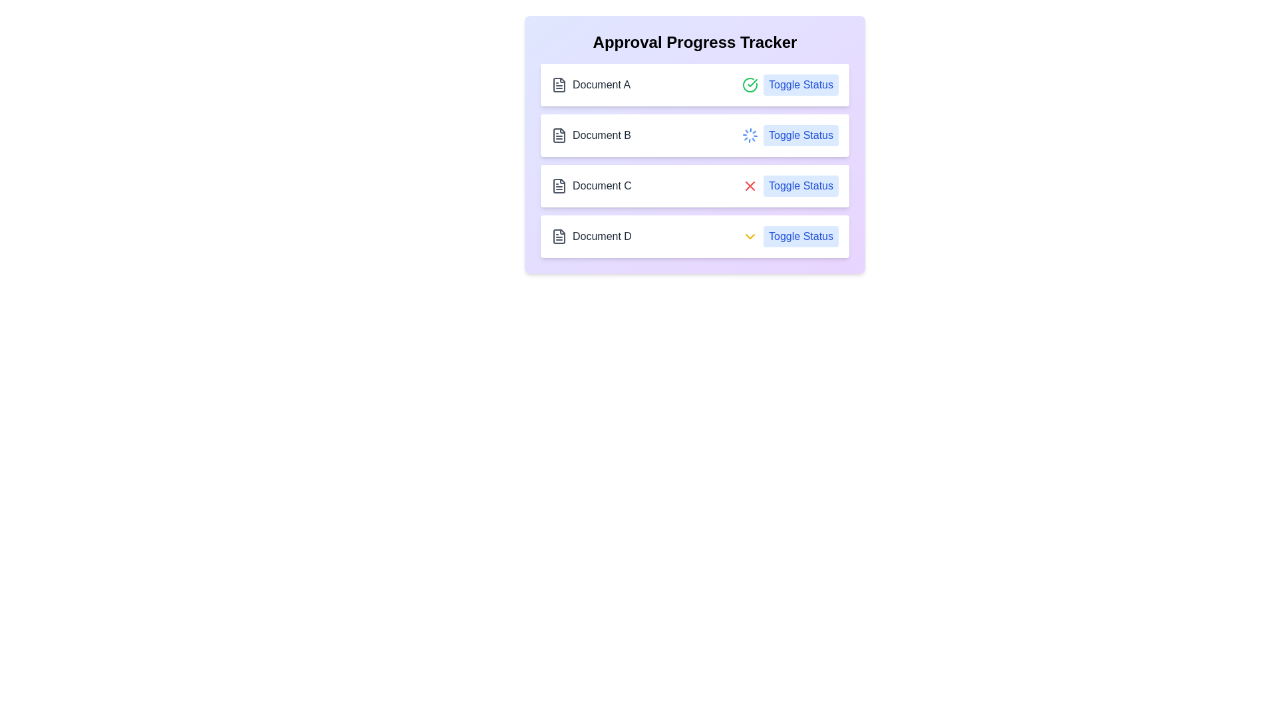 This screenshot has width=1277, height=718. I want to click on the 'Toggle Status' button located in the third row of the 'Approval Progress Tracker' panel, which has blue text on a light blue background, so click(800, 186).